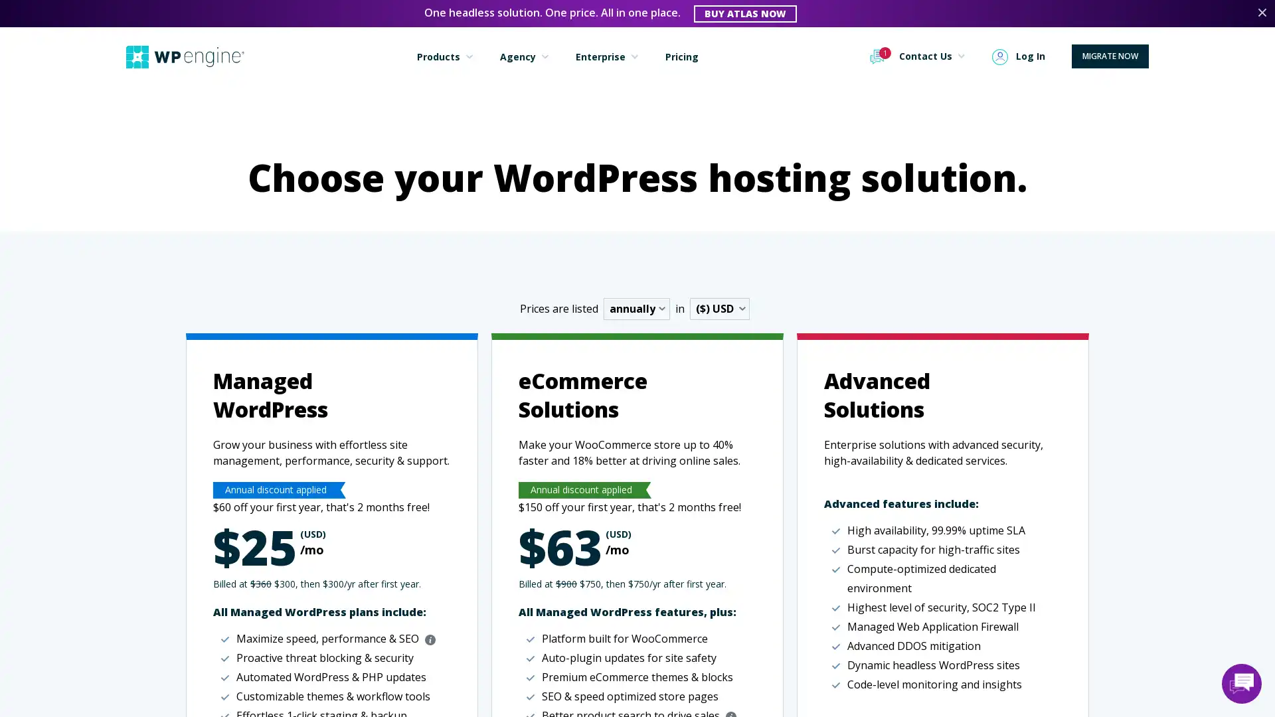 The image size is (1275, 717). What do you see at coordinates (1261, 13) in the screenshot?
I see `Close` at bounding box center [1261, 13].